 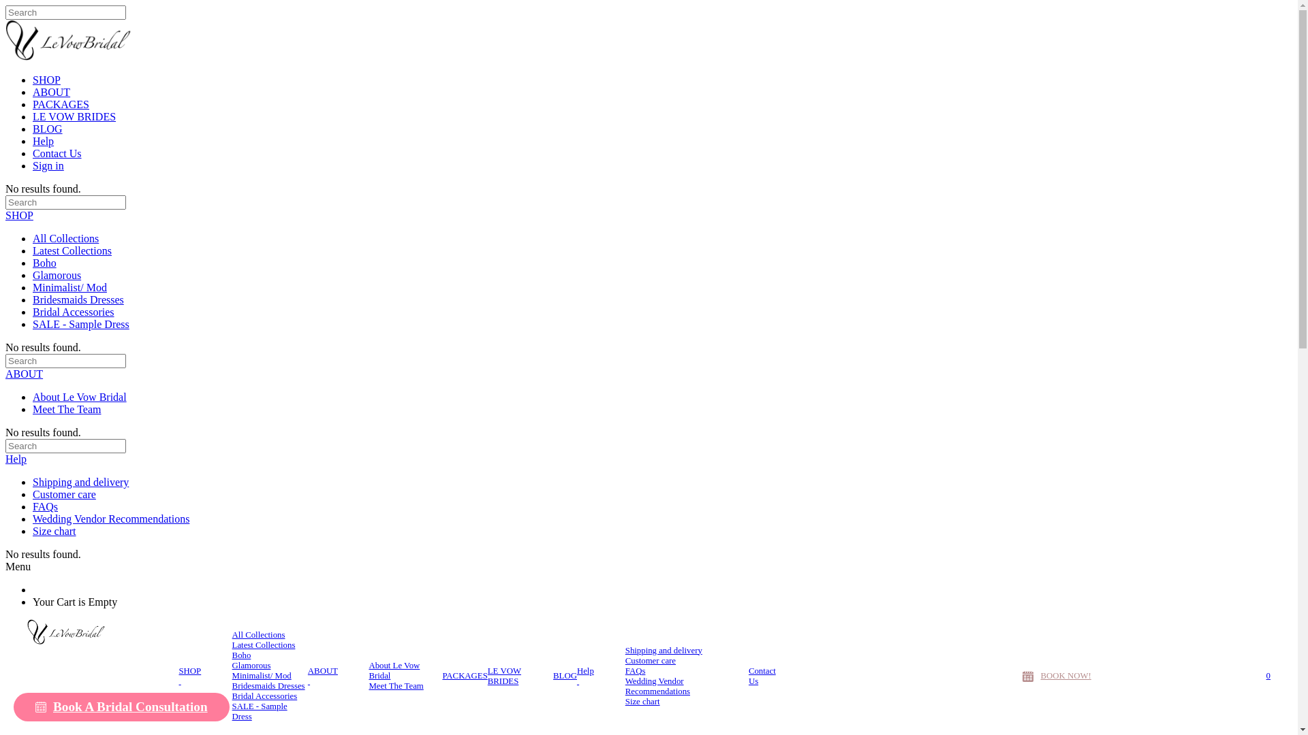 I want to click on 'Bridesmaids Dresses', so click(x=232, y=686).